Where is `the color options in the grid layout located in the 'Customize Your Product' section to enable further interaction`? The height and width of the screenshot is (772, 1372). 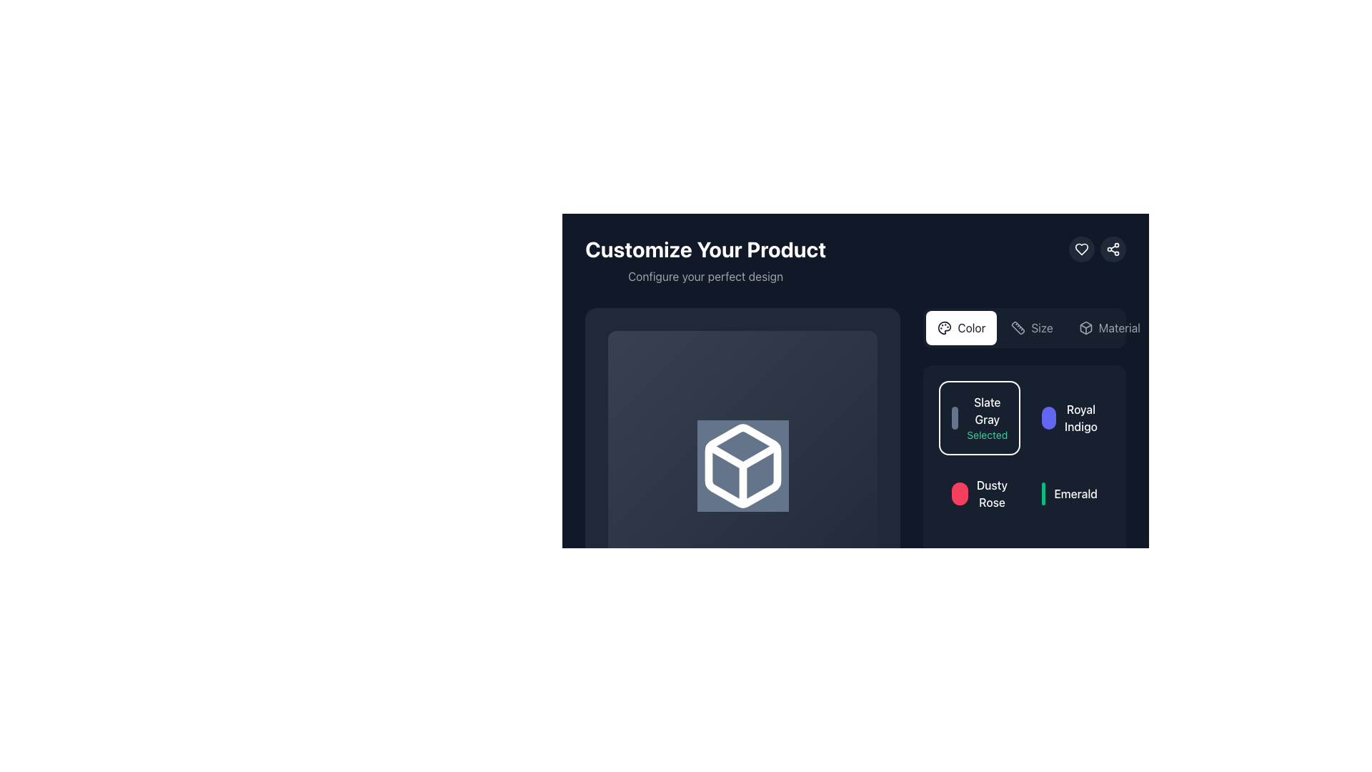
the color options in the grid layout located in the 'Customize Your Product' section to enable further interaction is located at coordinates (1024, 486).